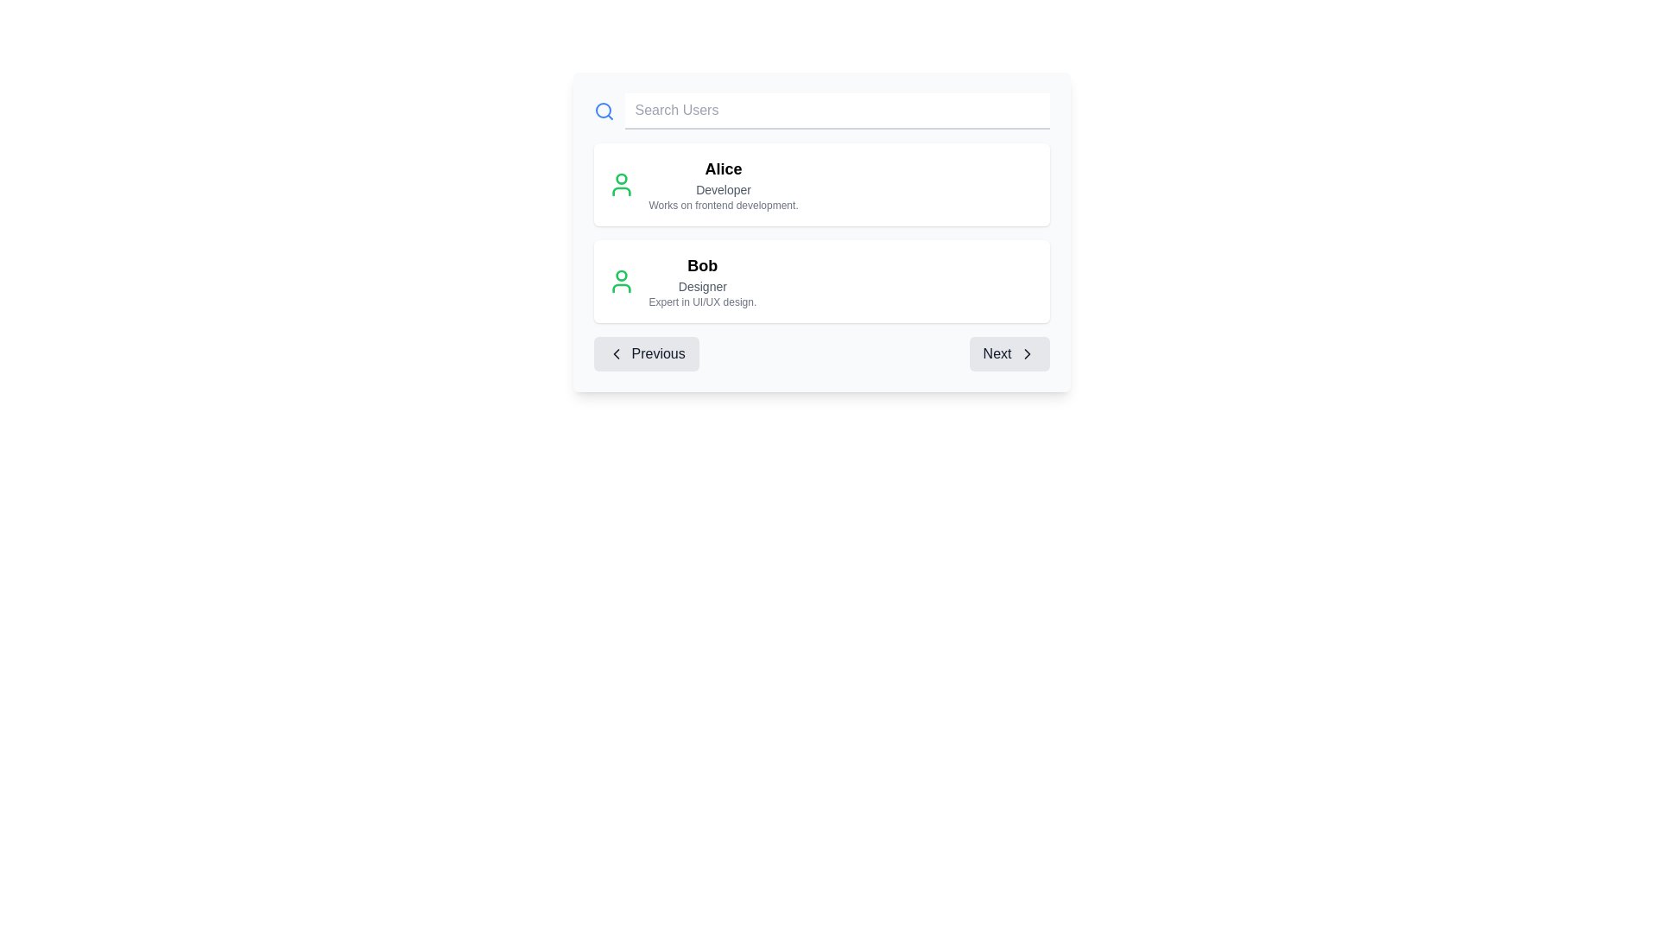  Describe the element at coordinates (702, 301) in the screenshot. I see `the descriptive metadata text element providing additional professional information about the user 'Bob', which is located below 'Designer' in the second user card` at that location.